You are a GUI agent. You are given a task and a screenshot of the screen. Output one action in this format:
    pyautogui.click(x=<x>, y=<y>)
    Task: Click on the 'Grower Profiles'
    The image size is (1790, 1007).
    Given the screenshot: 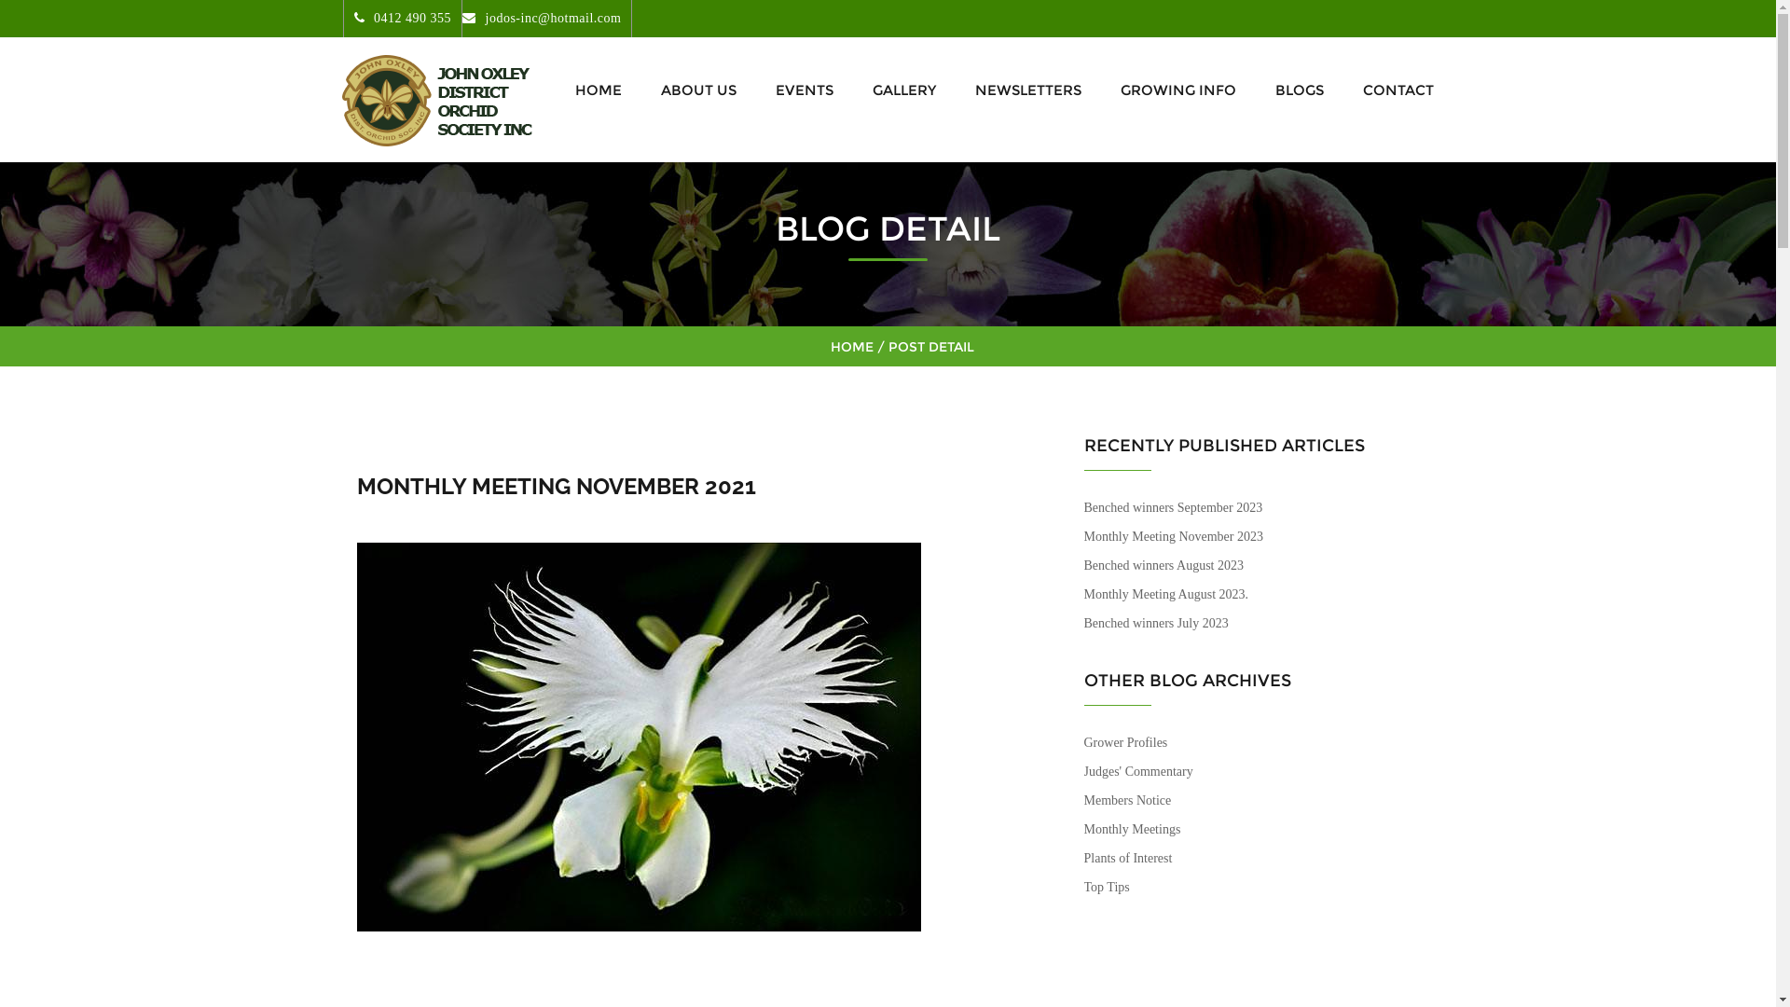 What is the action you would take?
    pyautogui.click(x=1123, y=741)
    